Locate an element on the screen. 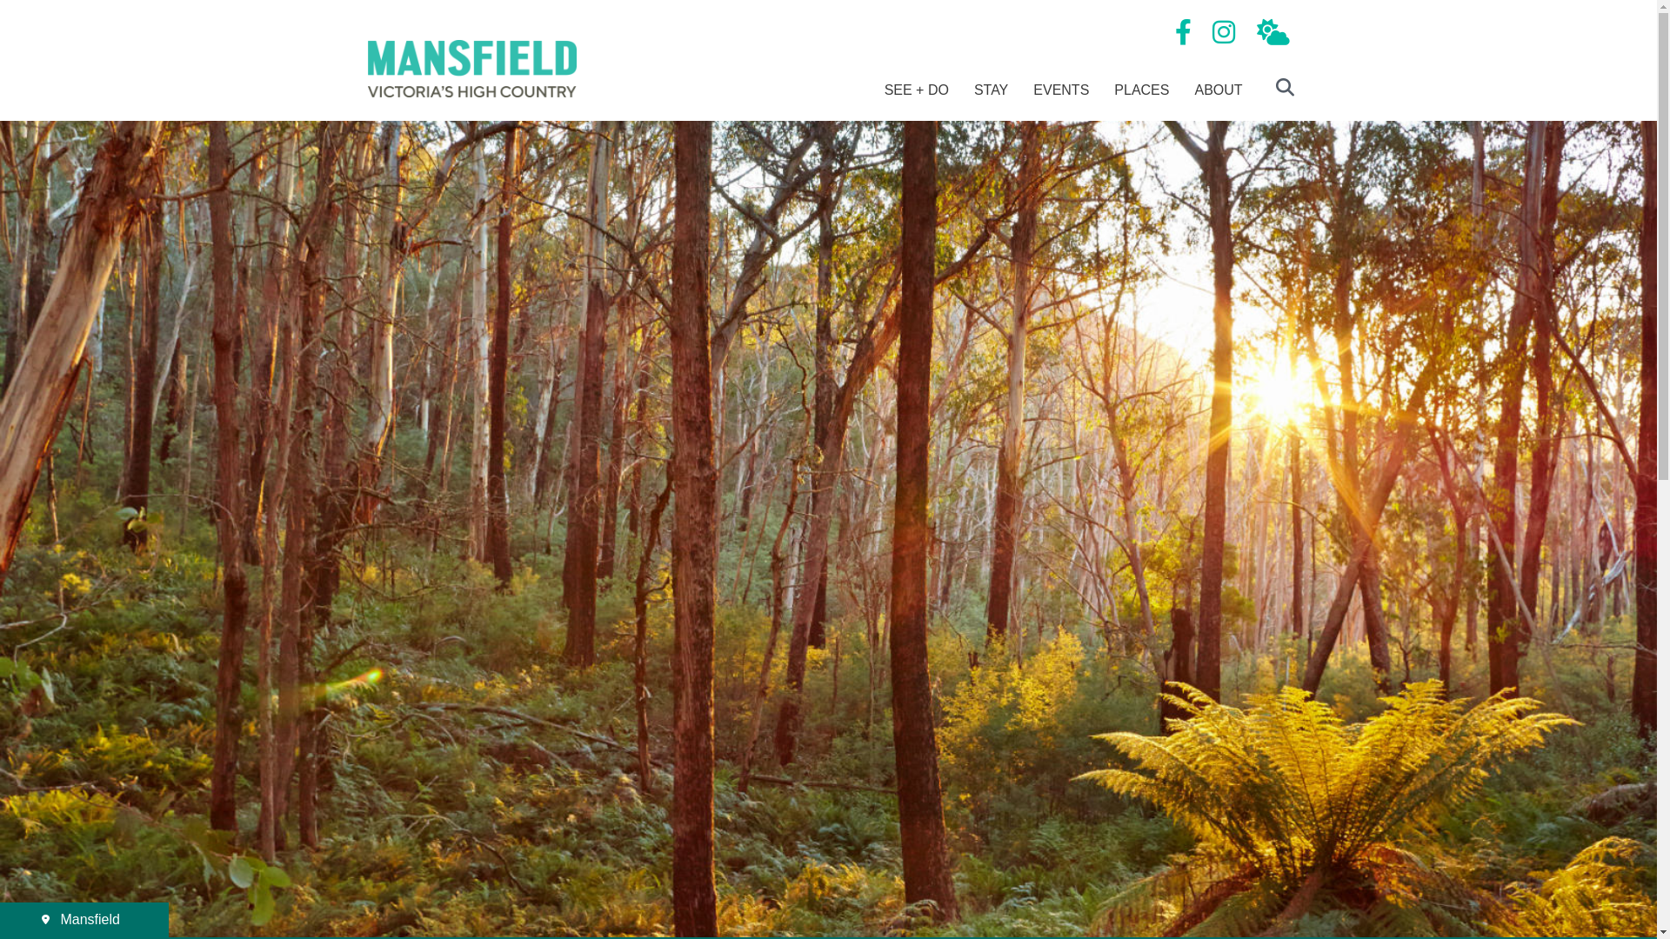  'Mansfield' is located at coordinates (83, 918).